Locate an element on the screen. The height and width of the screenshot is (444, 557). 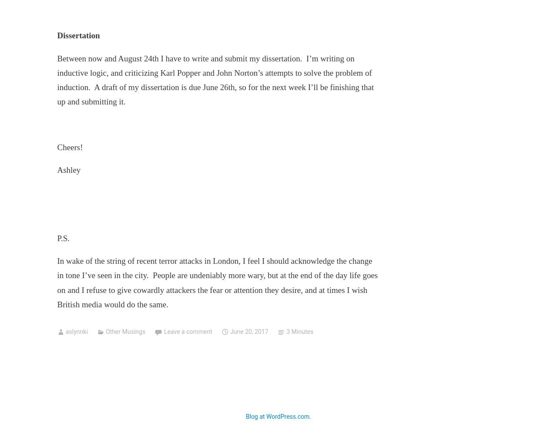
'3 Minutes' is located at coordinates (300, 332).